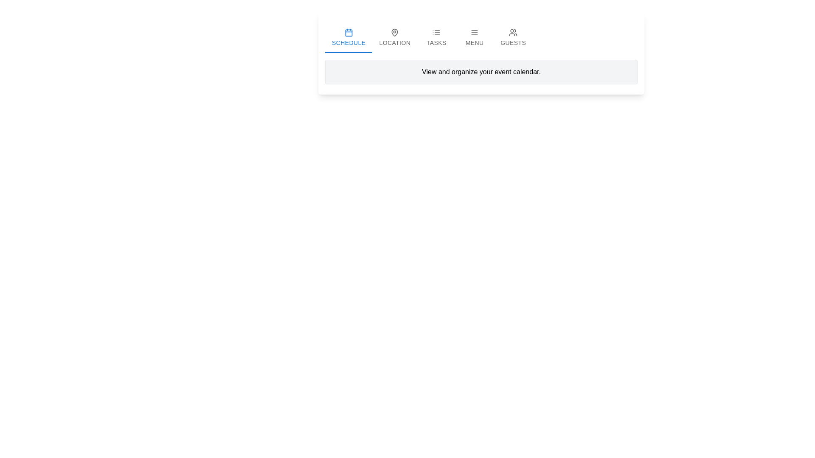 The height and width of the screenshot is (458, 815). Describe the element at coordinates (348, 33) in the screenshot. I see `the rectangular calendar icon with a blue border and white fill, located within the 'SCHEDULE' navigation button` at that location.